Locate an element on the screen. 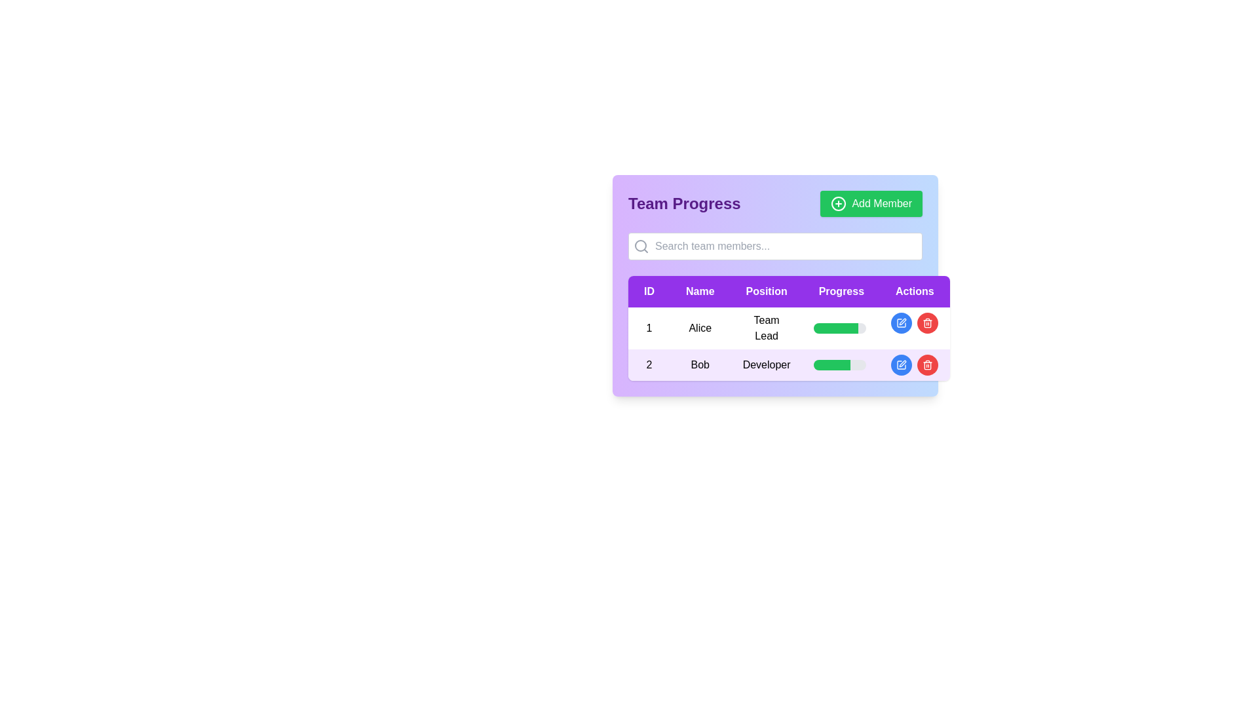 This screenshot has width=1258, height=708. the search icon located to the left of the input field for searching team members, which visually represents the search functionality is located at coordinates (641, 246).